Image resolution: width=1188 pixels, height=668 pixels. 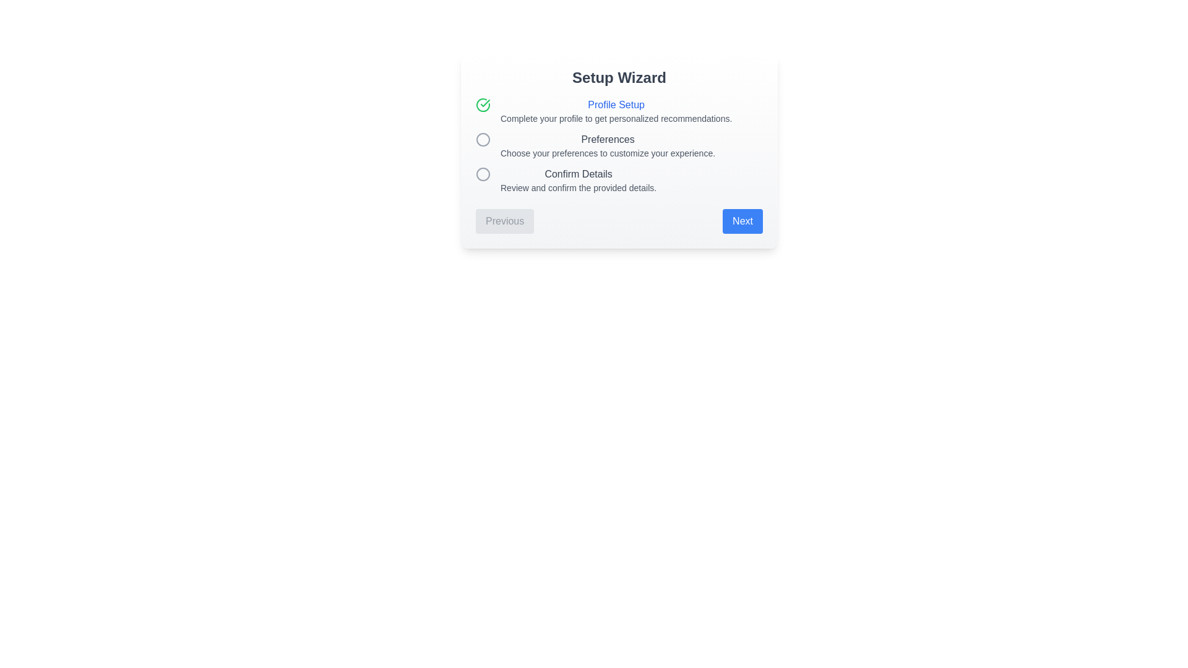 What do you see at coordinates (608, 139) in the screenshot?
I see `the text of the step Preferences to highlight or select it` at bounding box center [608, 139].